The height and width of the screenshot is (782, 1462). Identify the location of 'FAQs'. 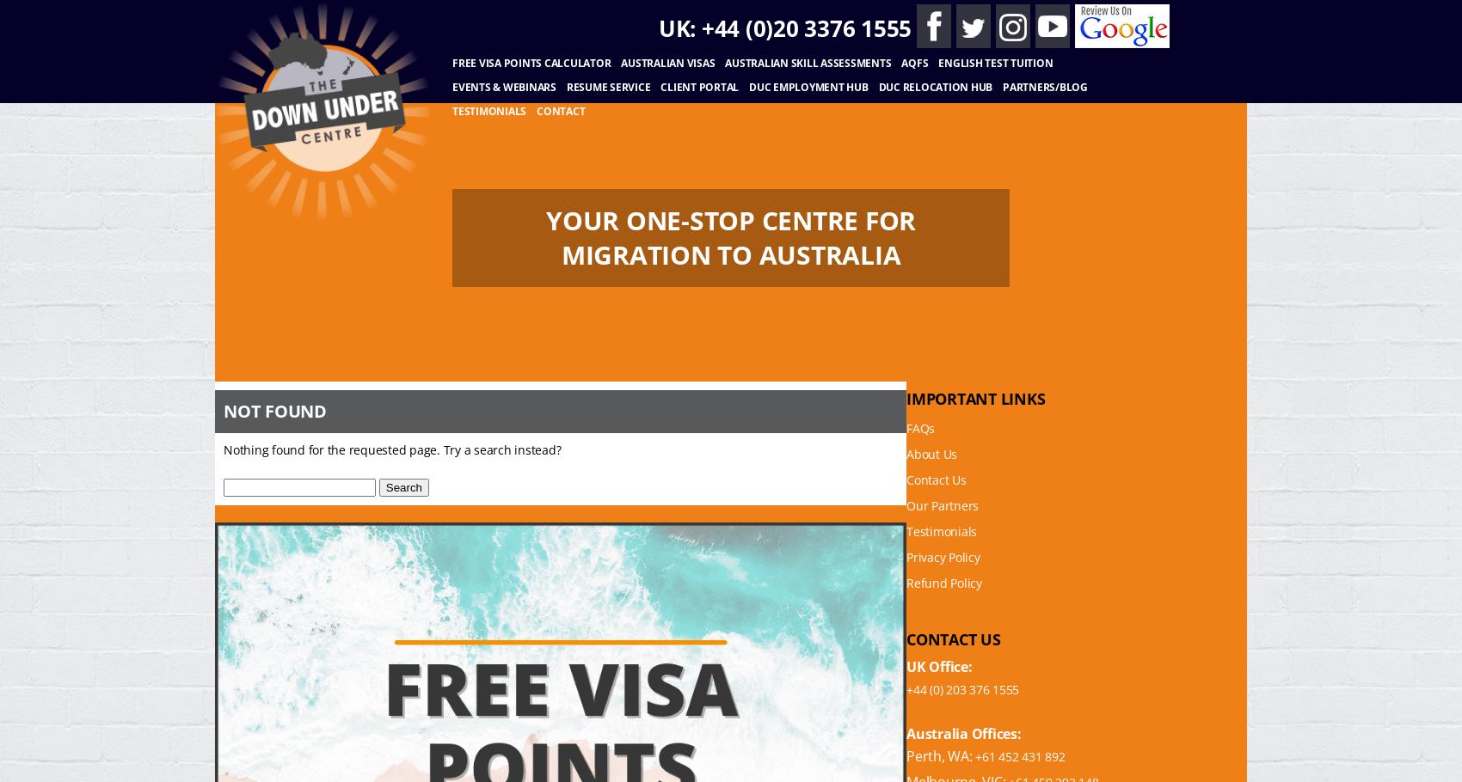
(906, 428).